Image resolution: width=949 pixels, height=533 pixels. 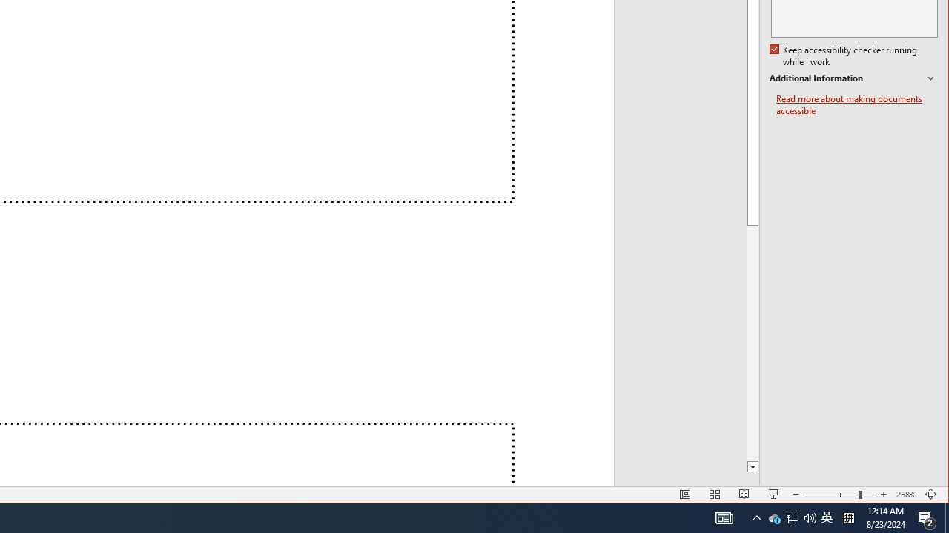 I want to click on 'Keep accessibility checker running while I work', so click(x=844, y=56).